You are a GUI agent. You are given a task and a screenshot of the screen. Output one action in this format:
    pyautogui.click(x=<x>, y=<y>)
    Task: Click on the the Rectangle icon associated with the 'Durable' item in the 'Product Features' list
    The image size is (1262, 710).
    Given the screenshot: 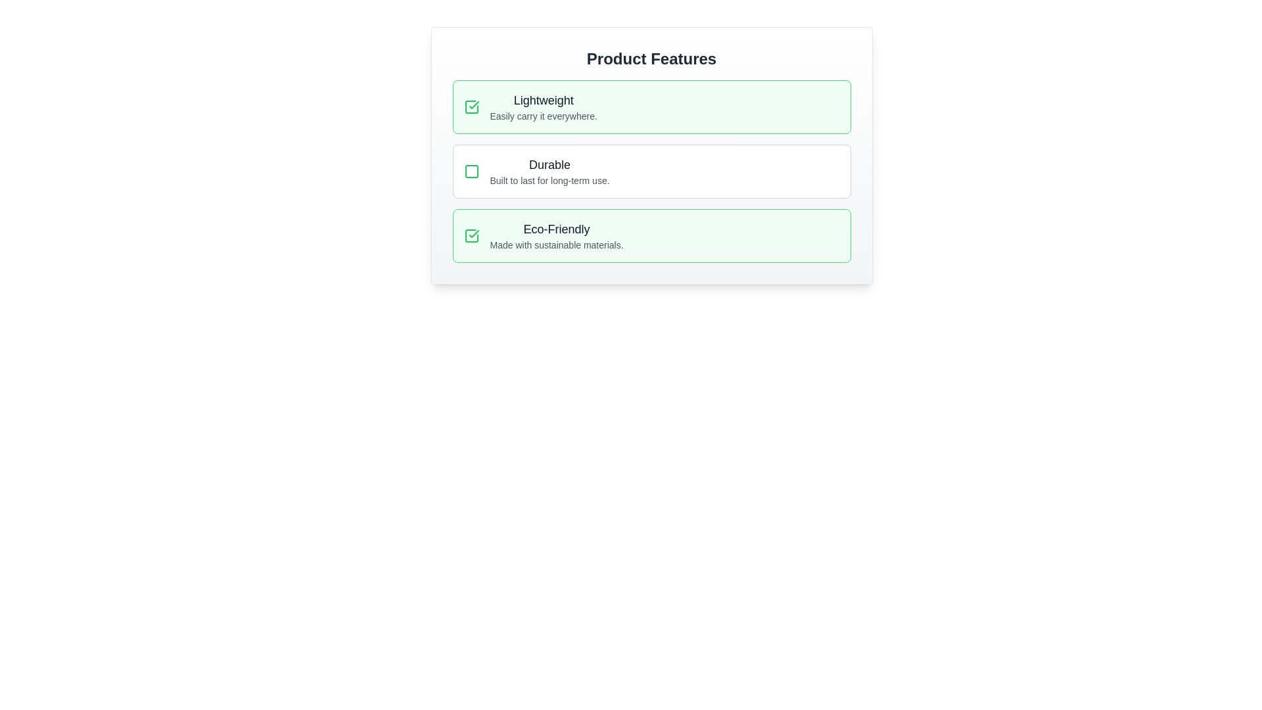 What is the action you would take?
    pyautogui.click(x=471, y=171)
    